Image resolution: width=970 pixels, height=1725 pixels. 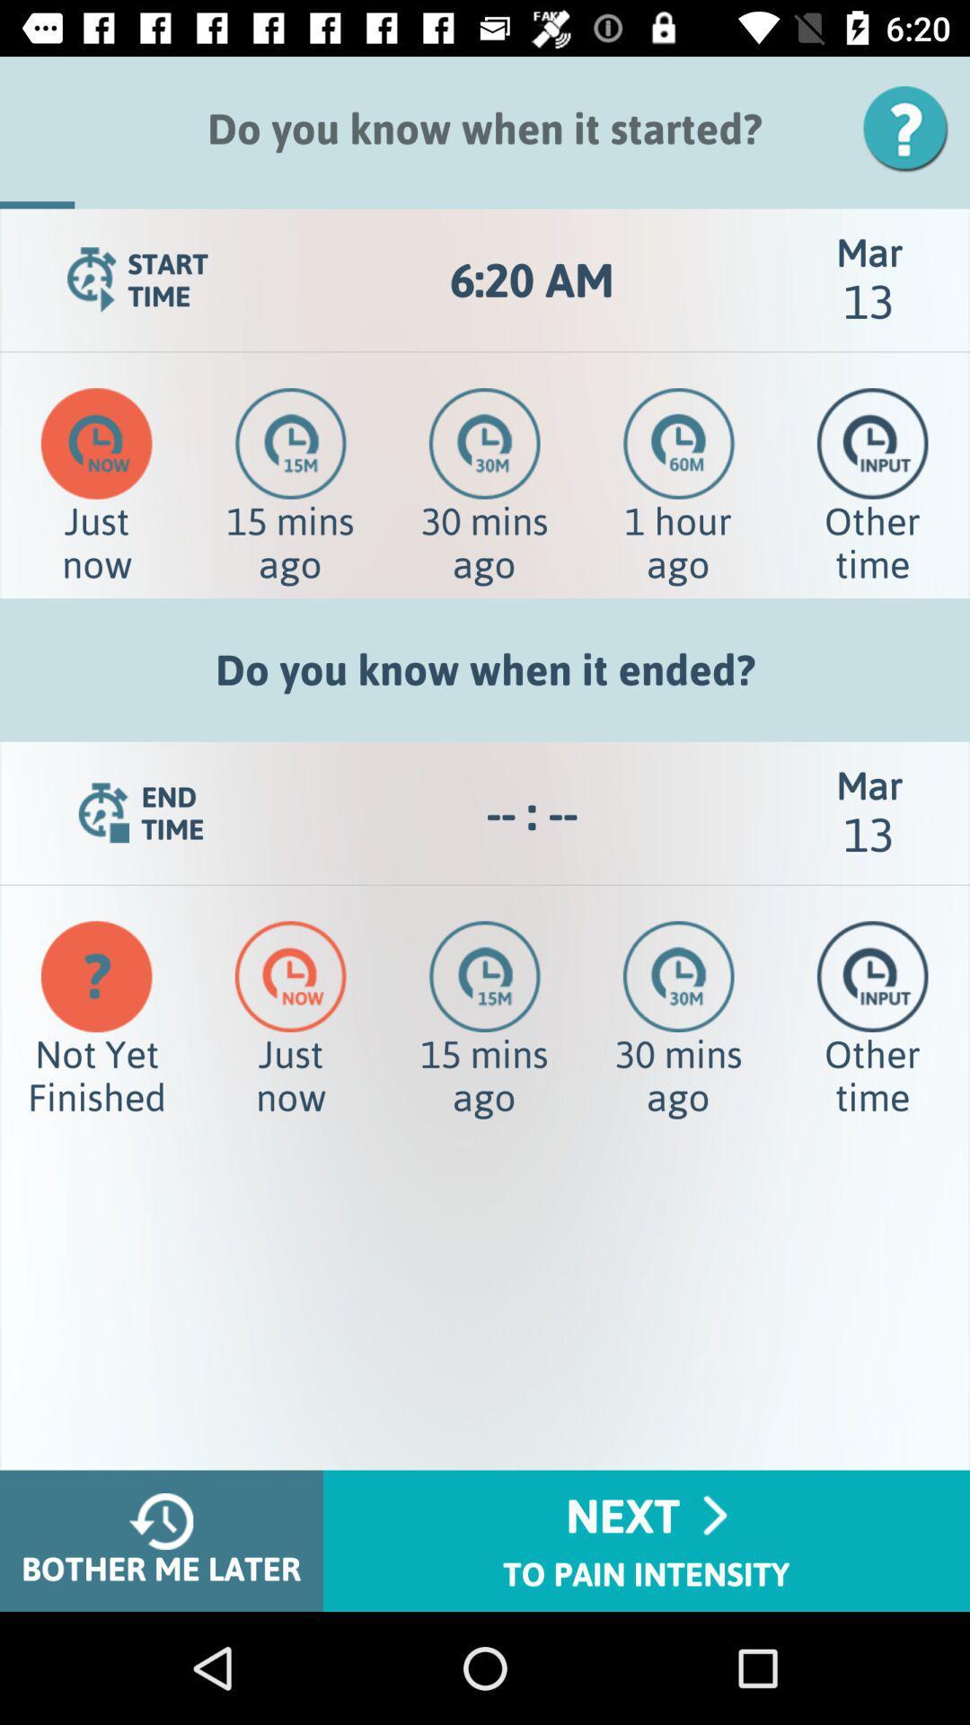 I want to click on the help icon, so click(x=96, y=976).